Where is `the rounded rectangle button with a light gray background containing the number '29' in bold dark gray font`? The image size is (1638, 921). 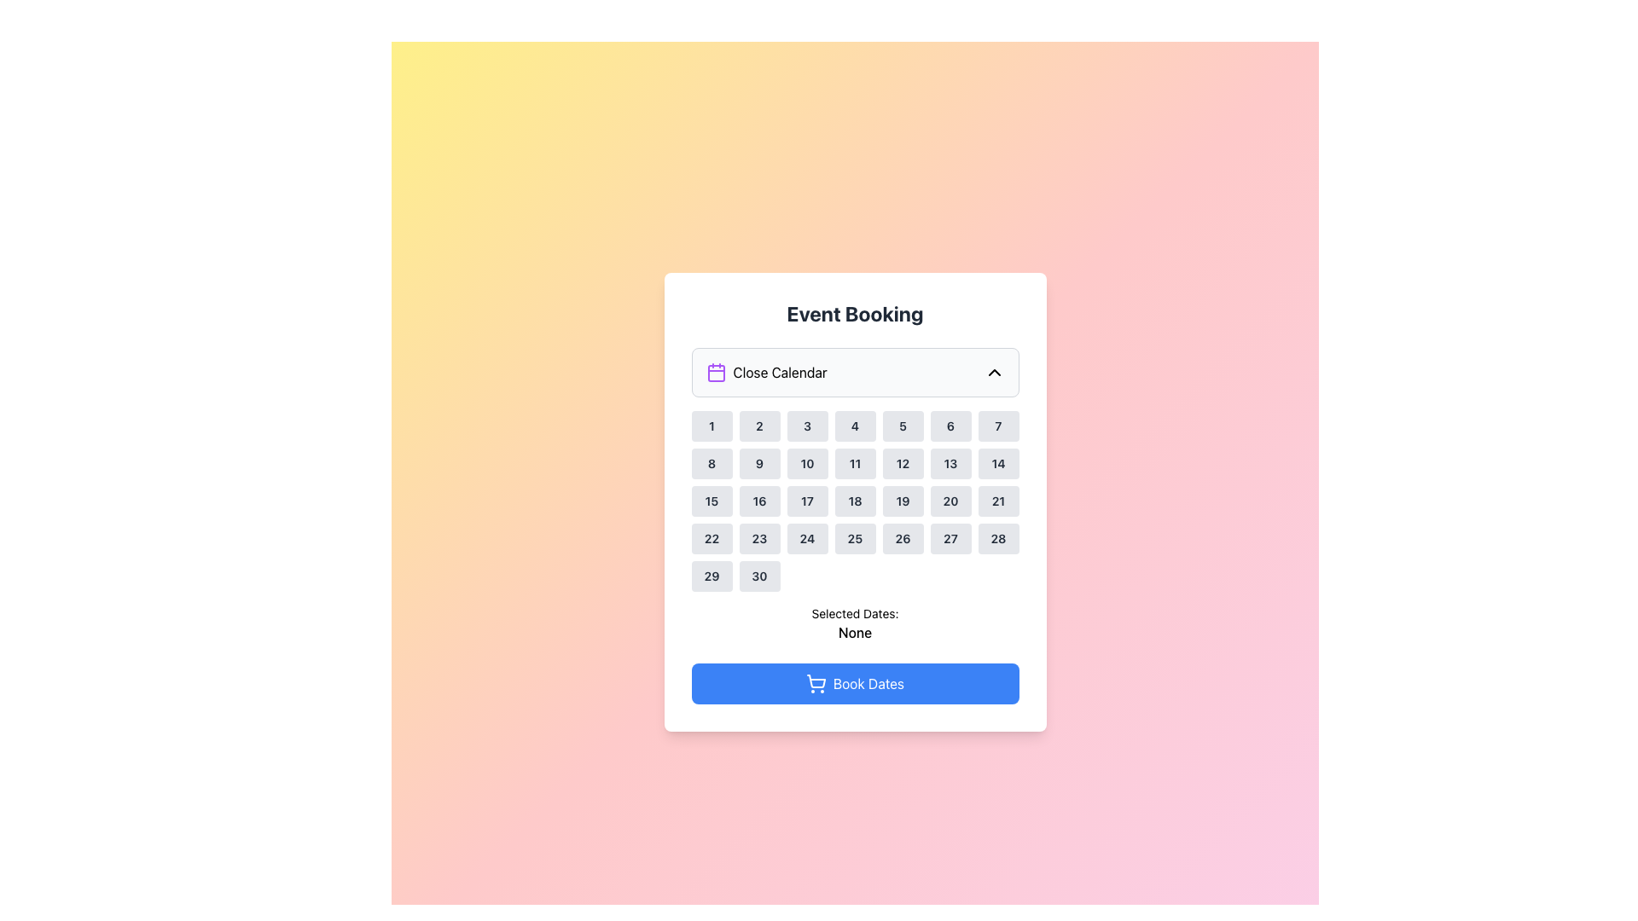
the rounded rectangle button with a light gray background containing the number '29' in bold dark gray font is located at coordinates (712, 576).